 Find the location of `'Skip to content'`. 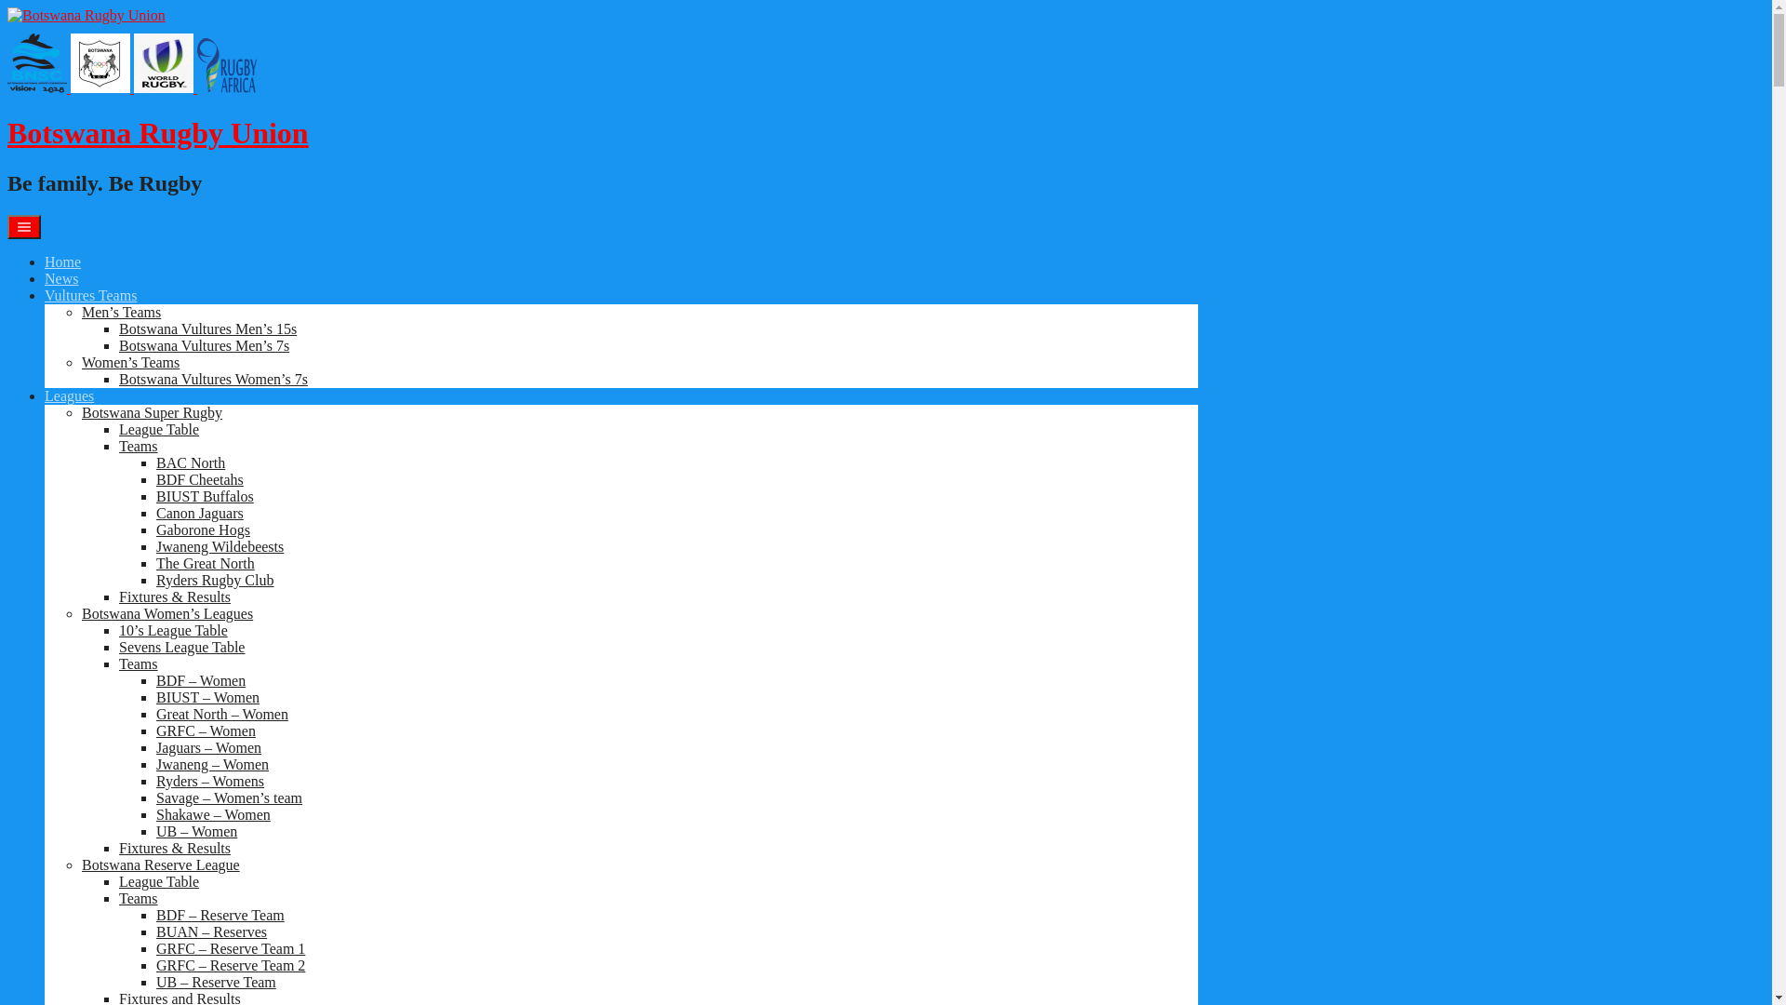

'Skip to content' is located at coordinates (7, 7).